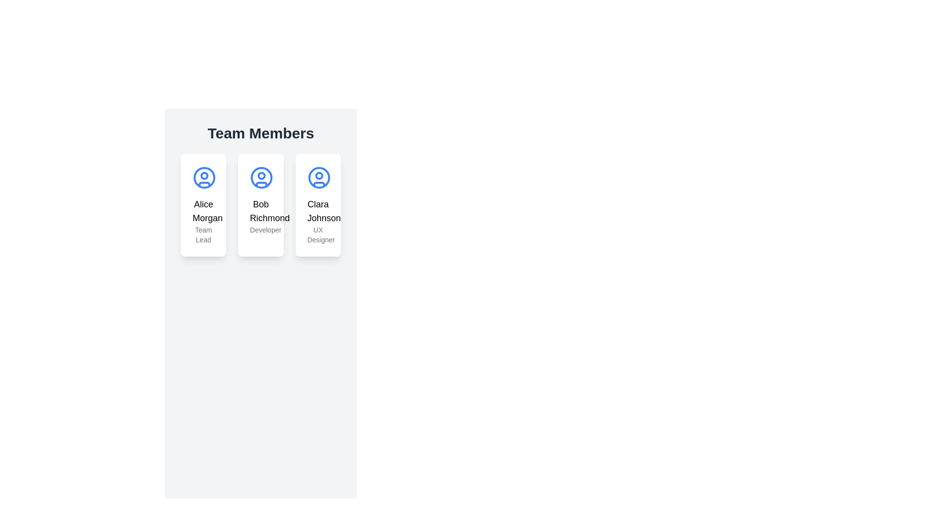 The height and width of the screenshot is (532, 946). I want to click on the circular marker inside the card for 'Bob Richmond', which is the second blue circular profile icon from the left in the row of cards, so click(262, 175).